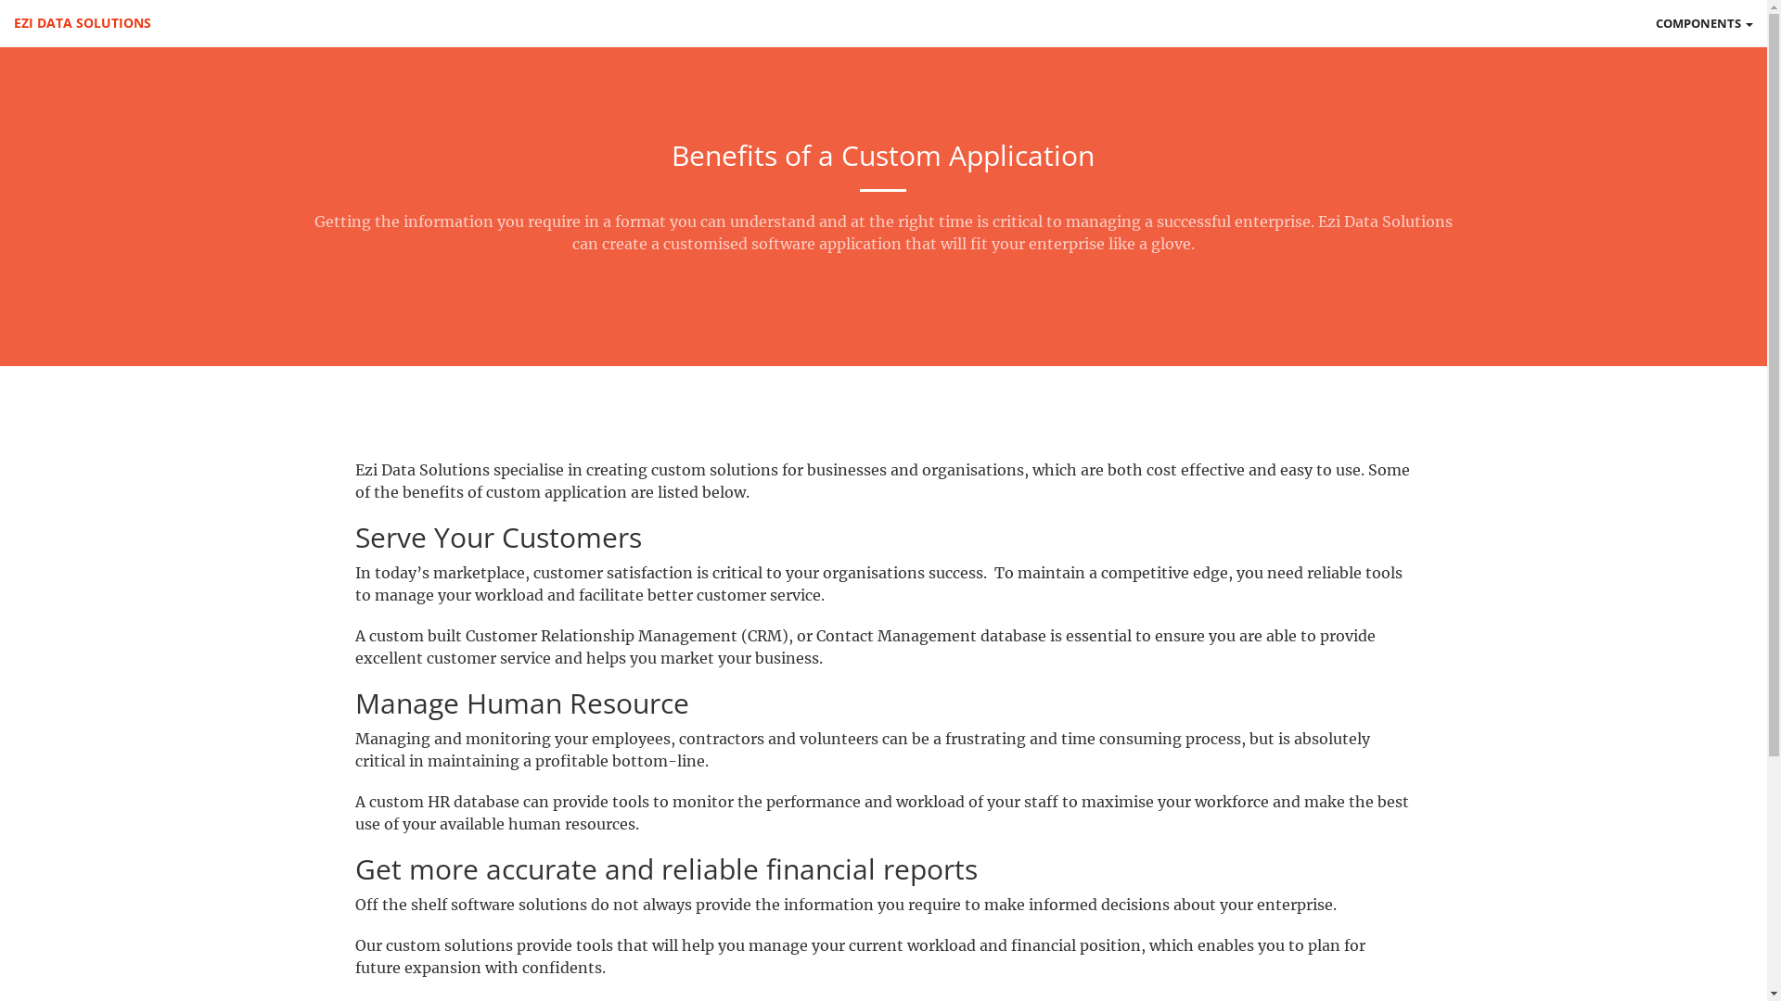 The height and width of the screenshot is (1001, 1781). Describe the element at coordinates (82, 22) in the screenshot. I see `'EZI DATA SOLUTIONS'` at that location.